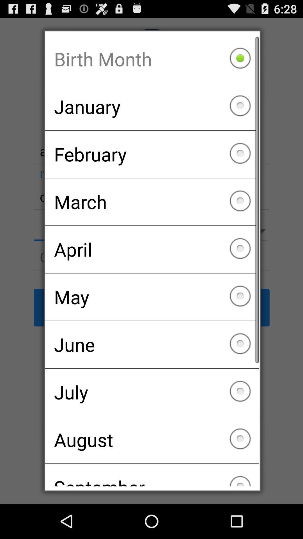  I want to click on august icon, so click(152, 439).